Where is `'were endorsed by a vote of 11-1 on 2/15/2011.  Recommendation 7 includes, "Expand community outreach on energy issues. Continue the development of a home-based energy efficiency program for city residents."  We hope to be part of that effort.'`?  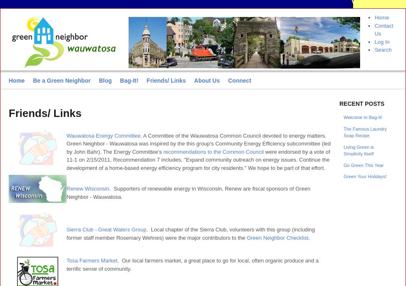
'were endorsed by a vote of 11-1 on 2/15/2011.  Recommendation 7 includes, "Expand community outreach on energy issues. Continue the development of a home-based energy efficiency program for city residents."  We hope to be part of that effort.' is located at coordinates (198, 159).